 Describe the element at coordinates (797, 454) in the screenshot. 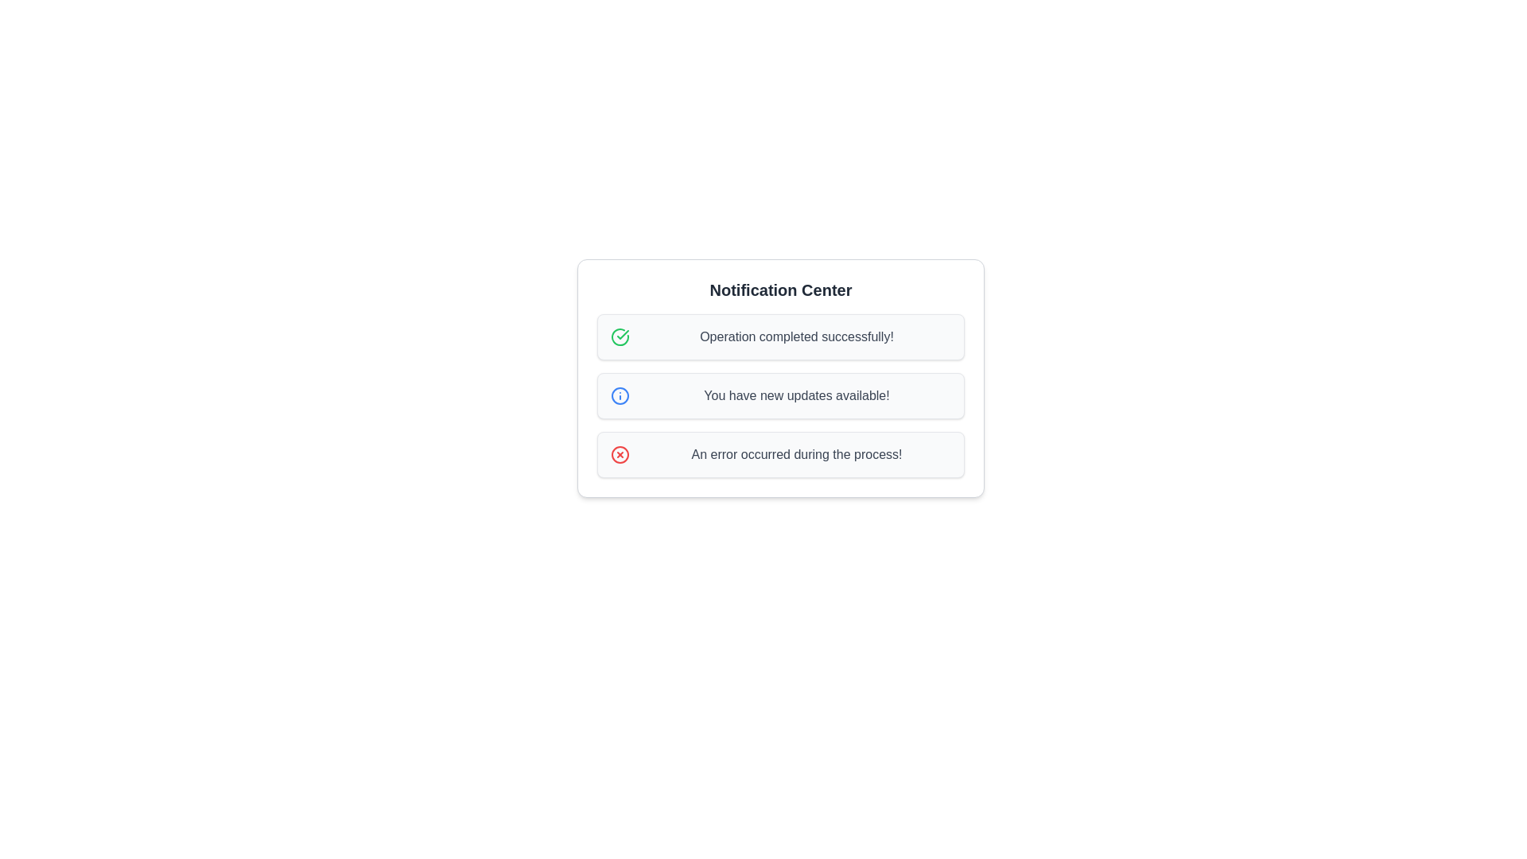

I see `error notification message displayed in the text label located in the third notification item of the 'Notification Center', positioned next to the error icon` at that location.